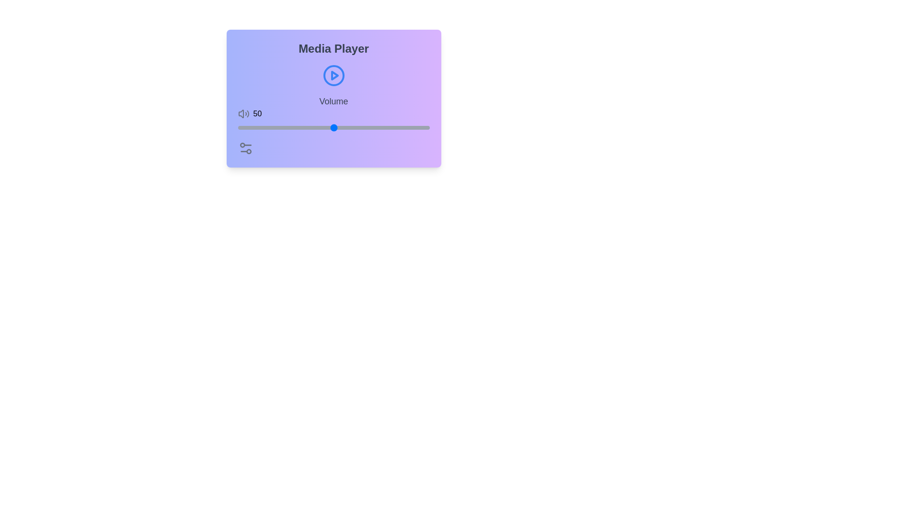  Describe the element at coordinates (295, 127) in the screenshot. I see `the volume level` at that location.